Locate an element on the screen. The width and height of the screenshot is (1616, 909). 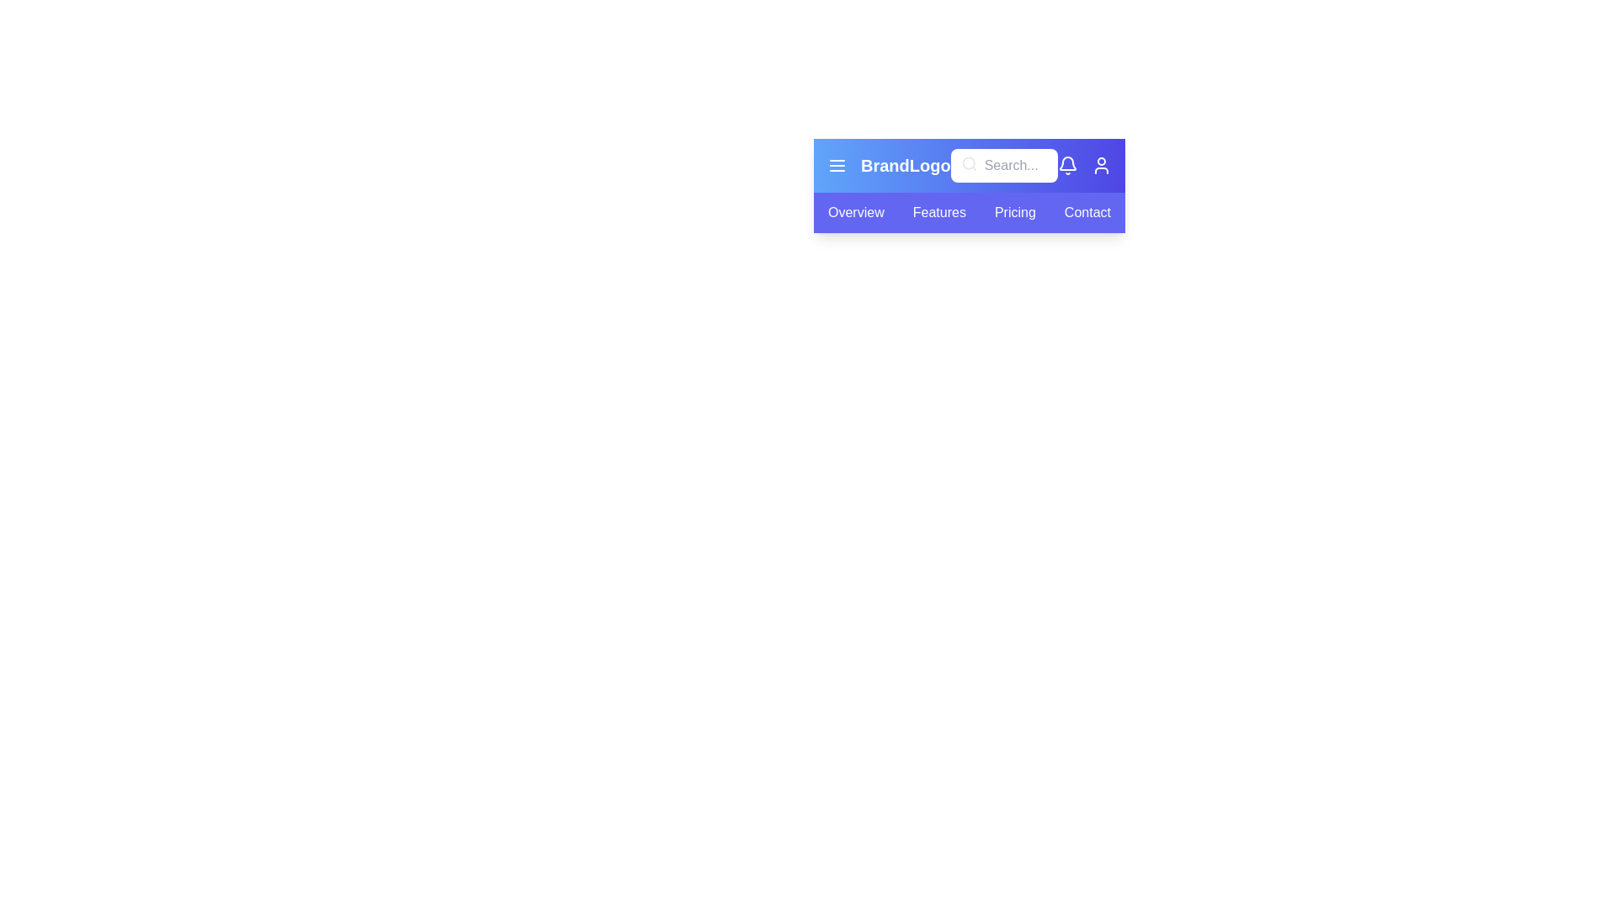
the menu icon to toggle the menu visibility is located at coordinates (837, 165).